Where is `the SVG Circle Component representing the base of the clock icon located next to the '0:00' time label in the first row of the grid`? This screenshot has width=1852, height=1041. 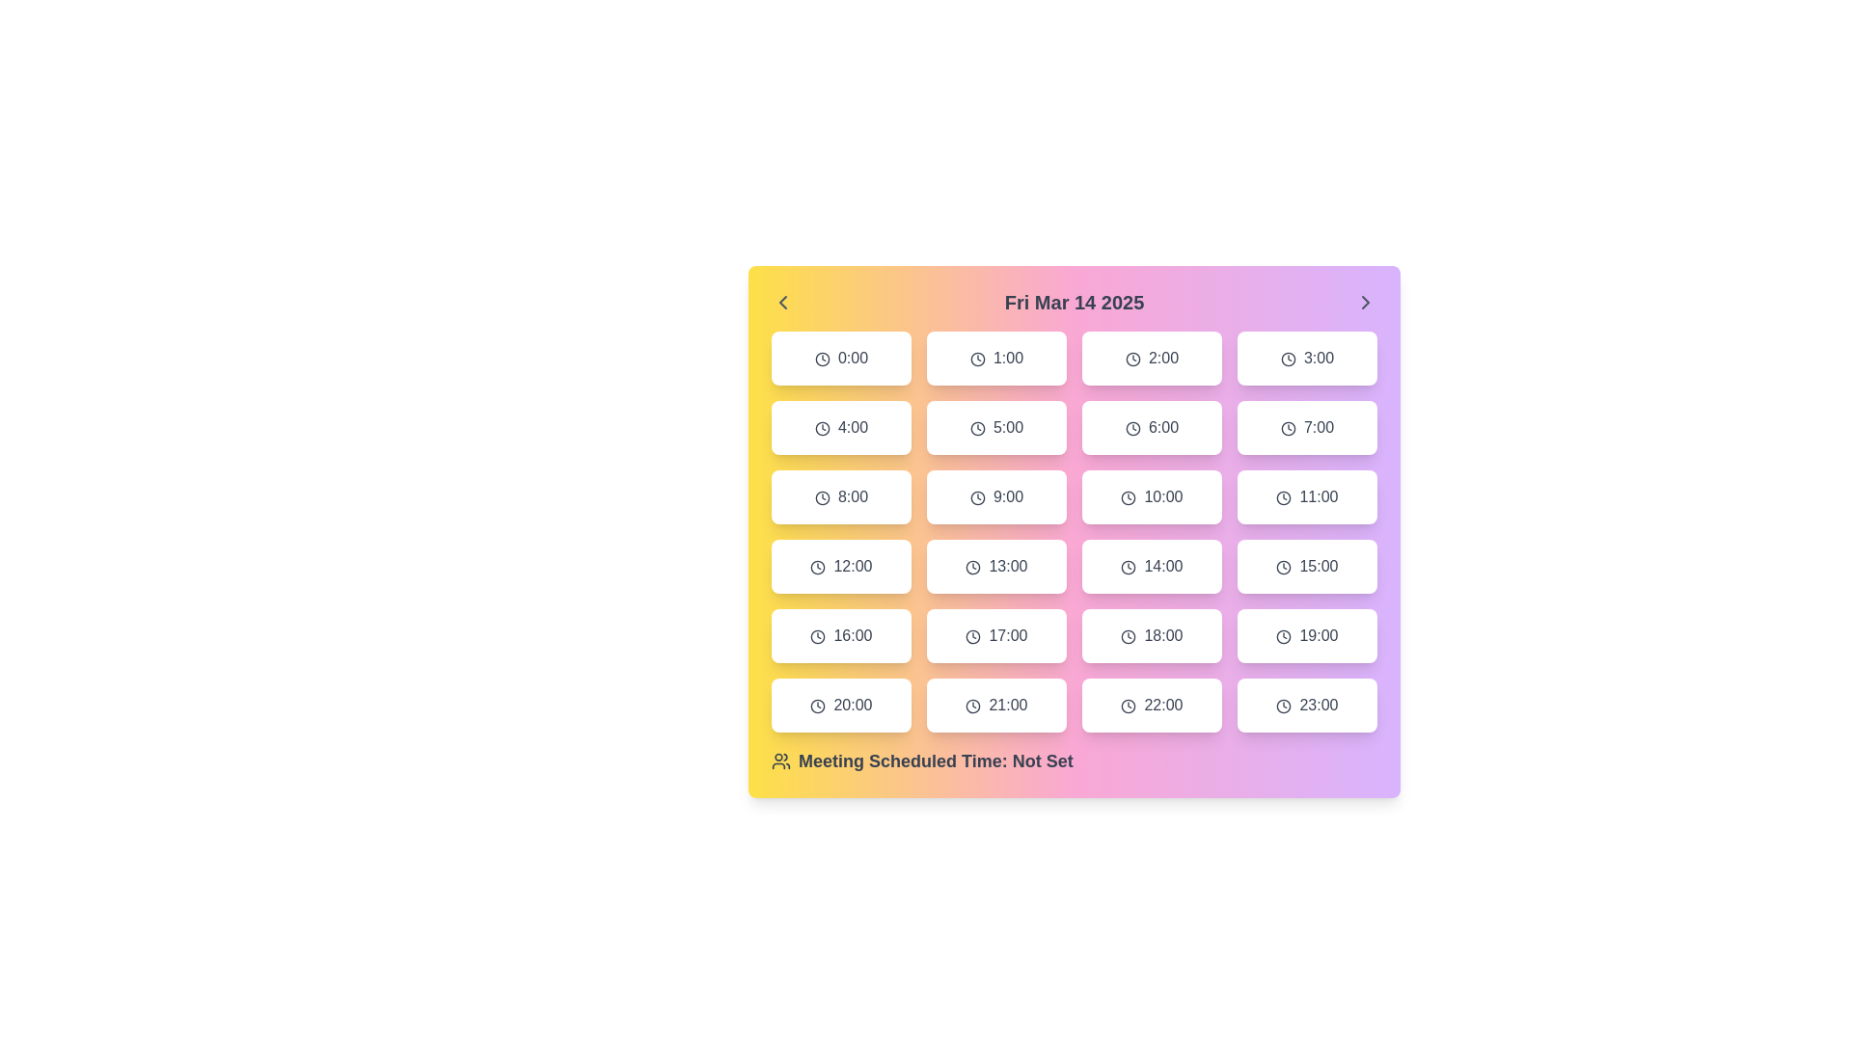
the SVG Circle Component representing the base of the clock icon located next to the '0:00' time label in the first row of the grid is located at coordinates (822, 359).